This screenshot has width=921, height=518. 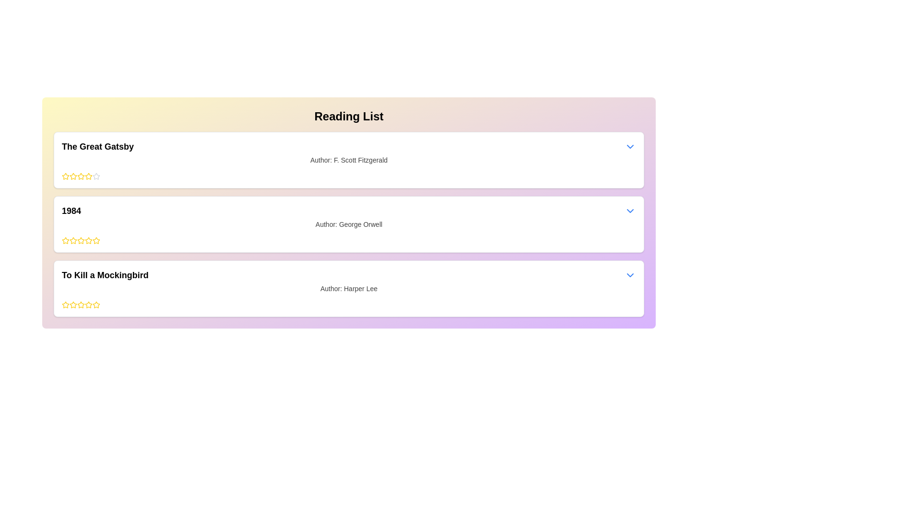 I want to click on the visual representation of the fifth star icon in the rating system located beneath the title 'To Kill a Mockingbird', so click(x=81, y=305).